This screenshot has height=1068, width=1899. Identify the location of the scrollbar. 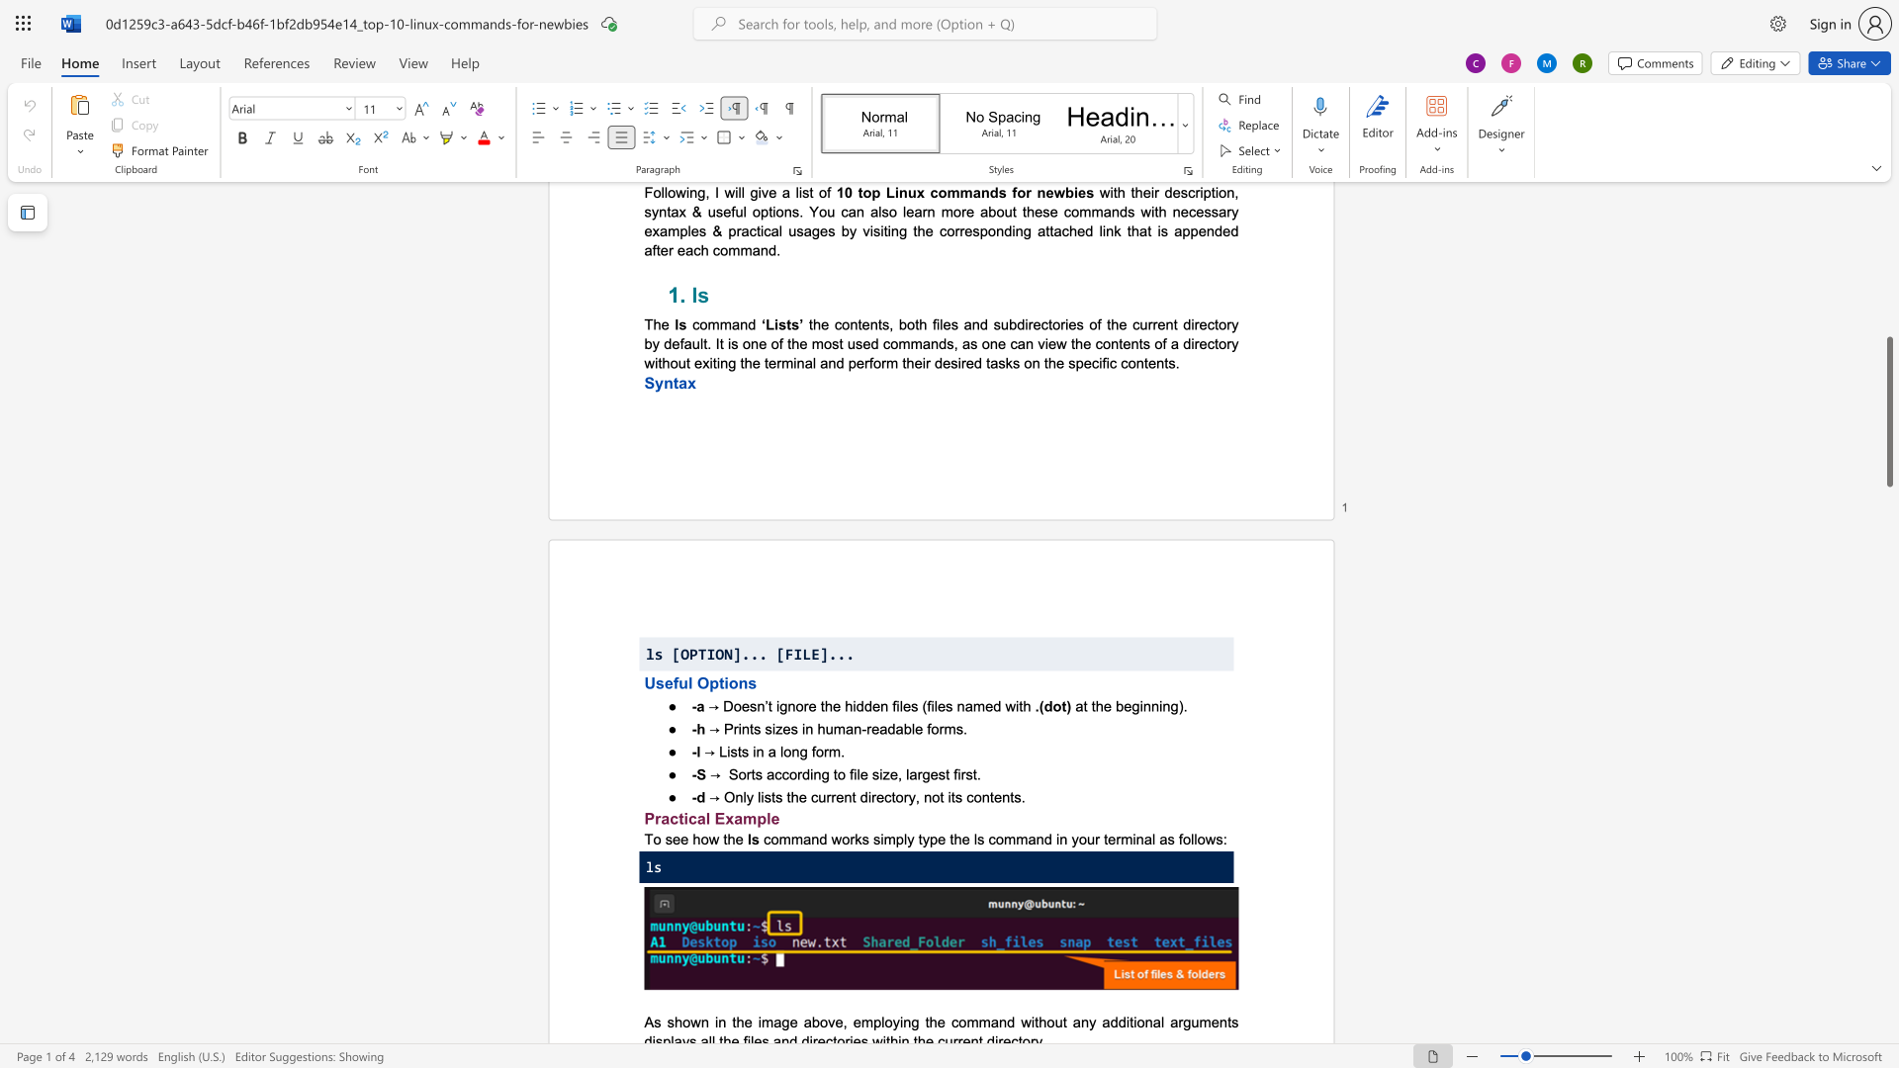
(1888, 423).